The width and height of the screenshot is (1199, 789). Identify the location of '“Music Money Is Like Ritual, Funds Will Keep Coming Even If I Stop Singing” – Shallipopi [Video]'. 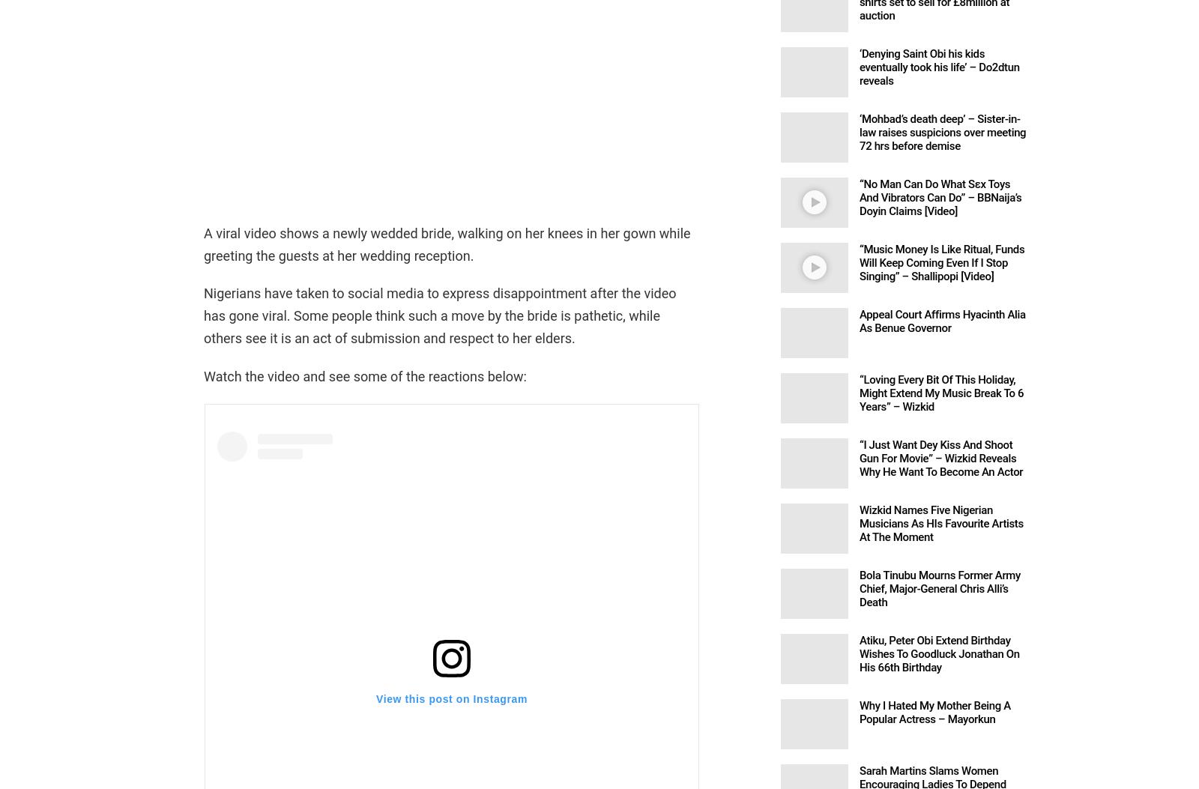
(940, 262).